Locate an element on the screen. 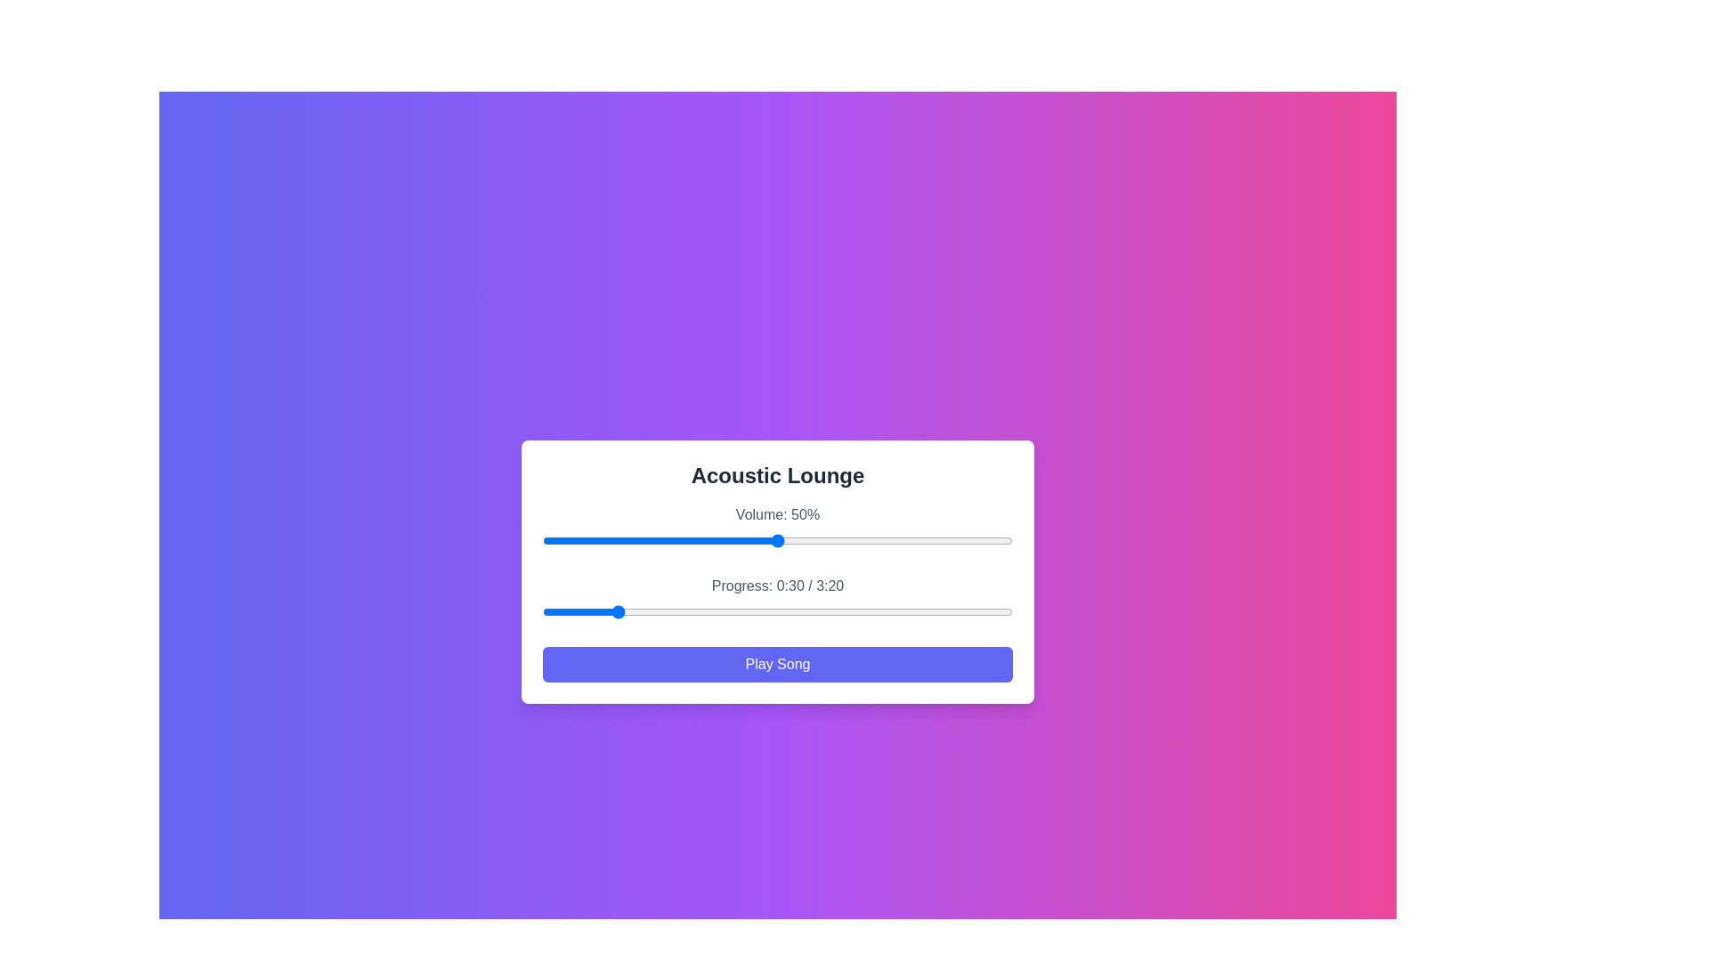 The height and width of the screenshot is (961, 1709). the volume to 87% by interacting with the slider is located at coordinates (951, 540).